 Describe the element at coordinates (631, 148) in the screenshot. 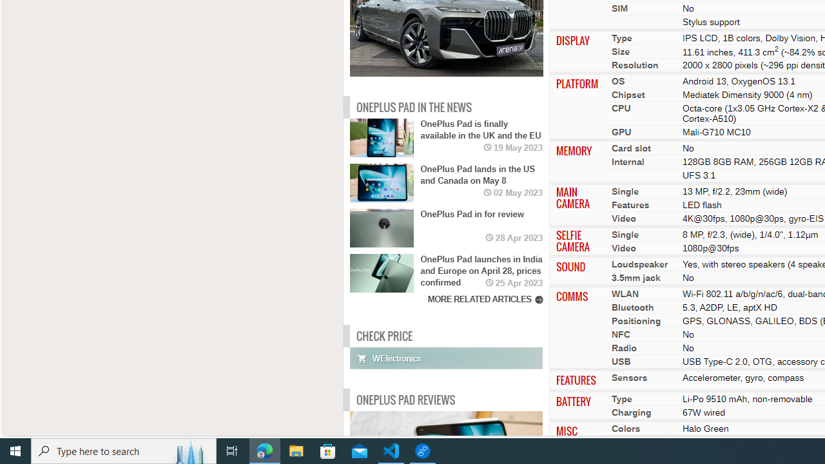

I see `'Card slot'` at that location.